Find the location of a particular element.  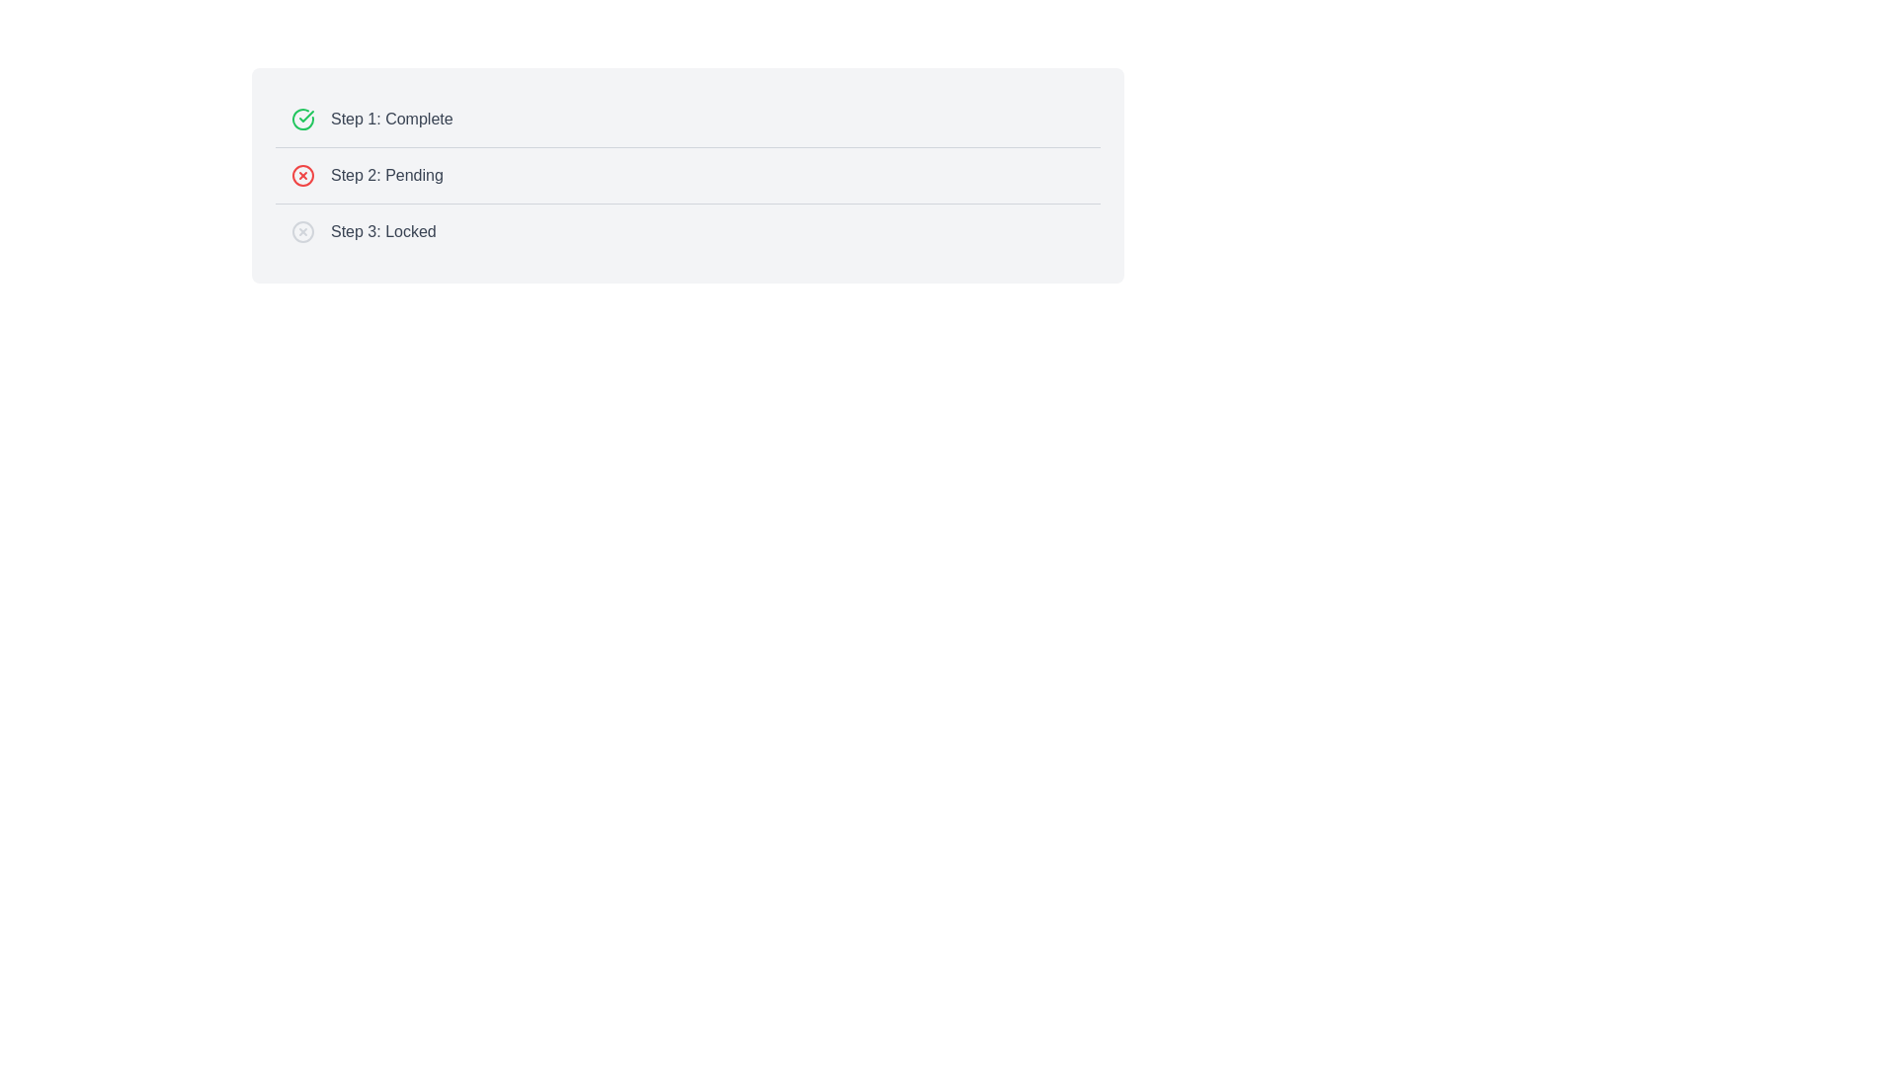

the horizontal divider that separates 'Step 2: Pending' and 'Step 3: Locked' sections in the interface is located at coordinates (688, 204).